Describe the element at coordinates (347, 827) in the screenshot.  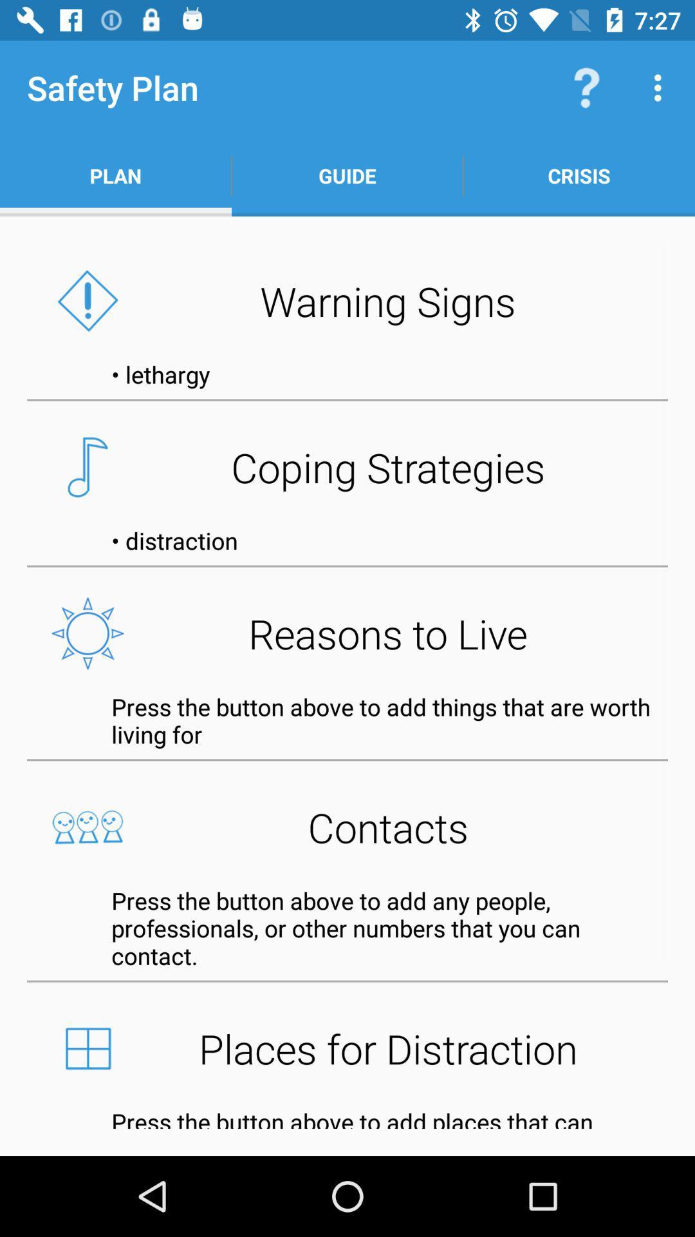
I see `icon above press the button` at that location.